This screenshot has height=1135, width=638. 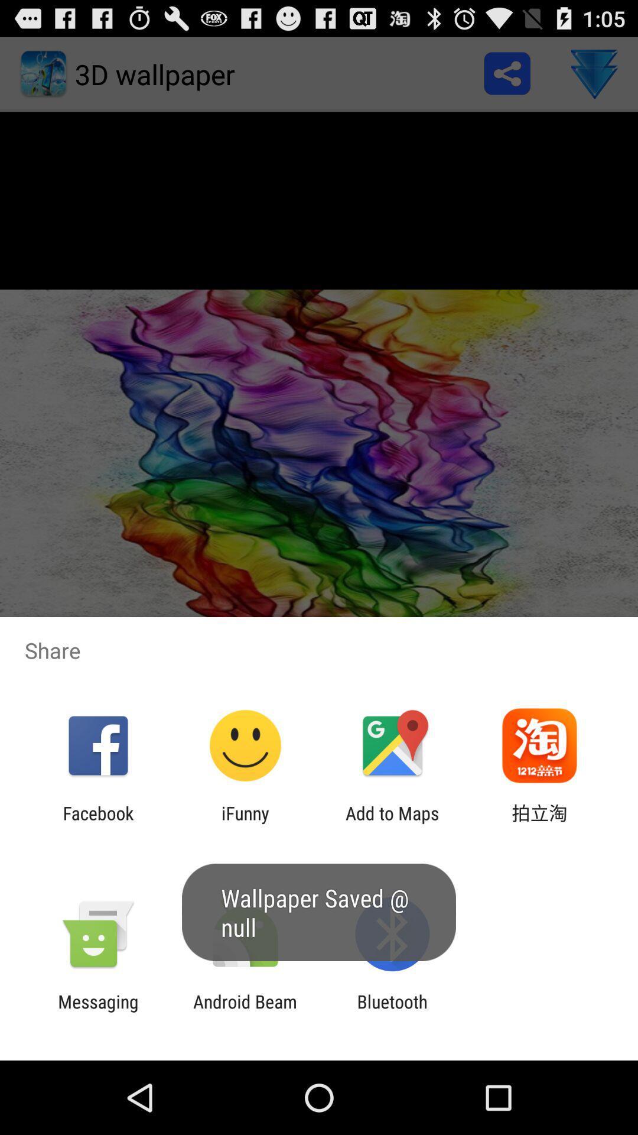 I want to click on app next to the add to maps icon, so click(x=245, y=823).